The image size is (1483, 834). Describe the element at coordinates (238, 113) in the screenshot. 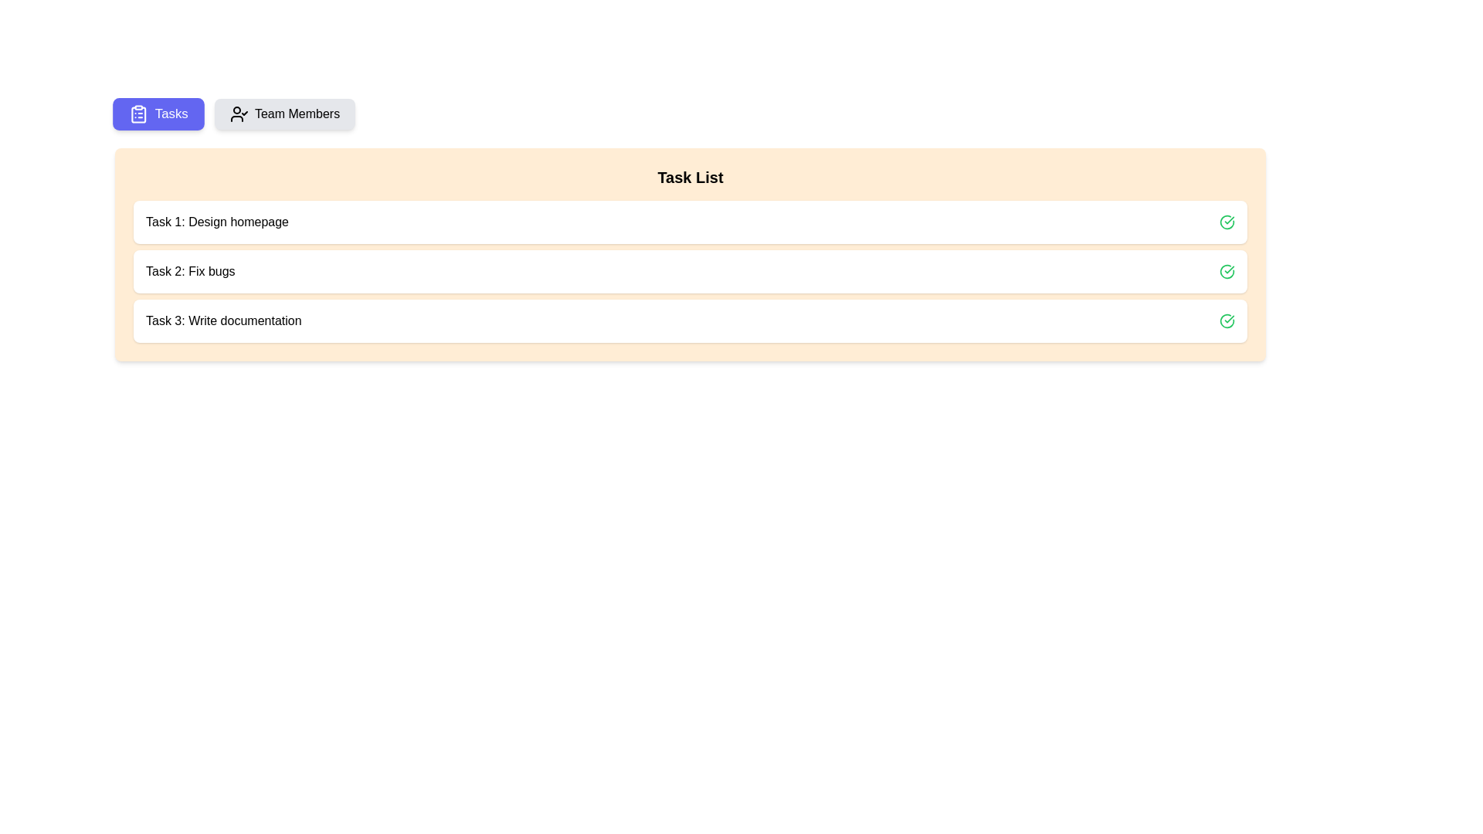

I see `the SVG icon of a user profile with a checkmark, which is styled with a black outline and positioned next to the 'Team Members' text` at that location.